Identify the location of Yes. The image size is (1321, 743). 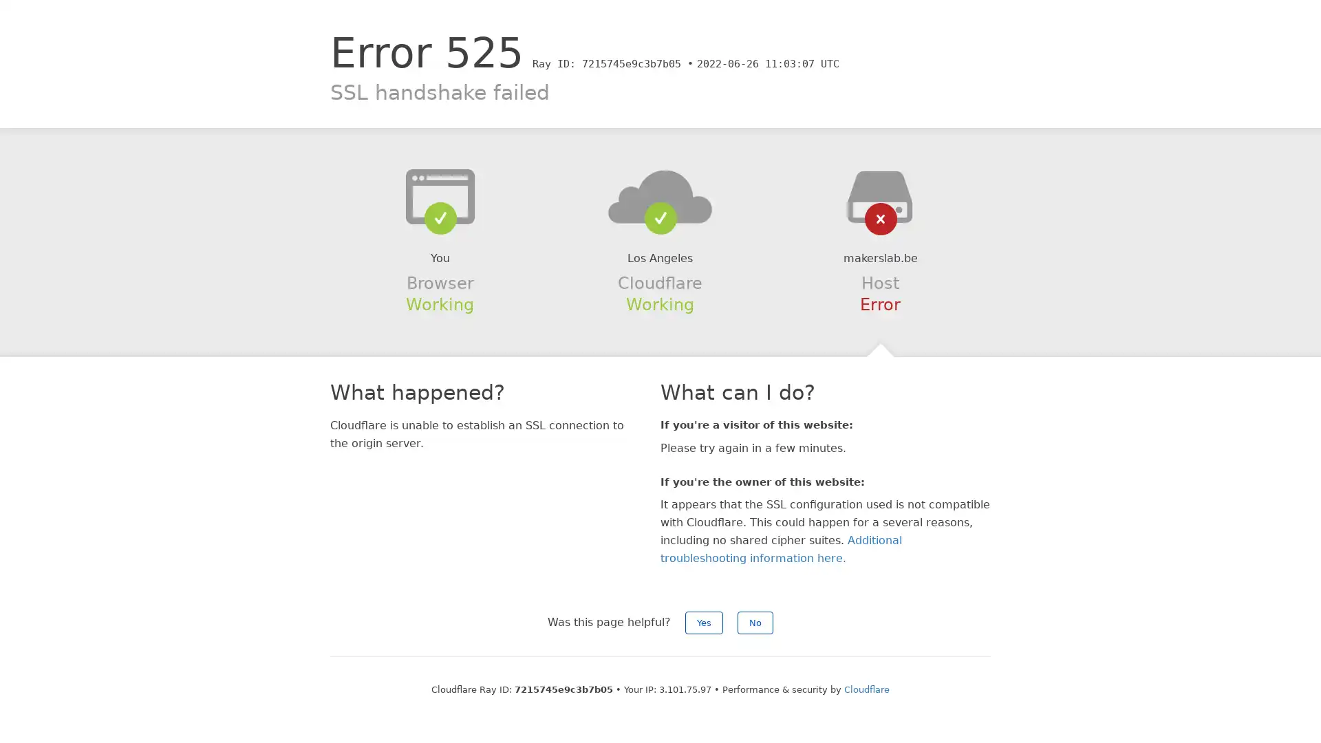
(704, 623).